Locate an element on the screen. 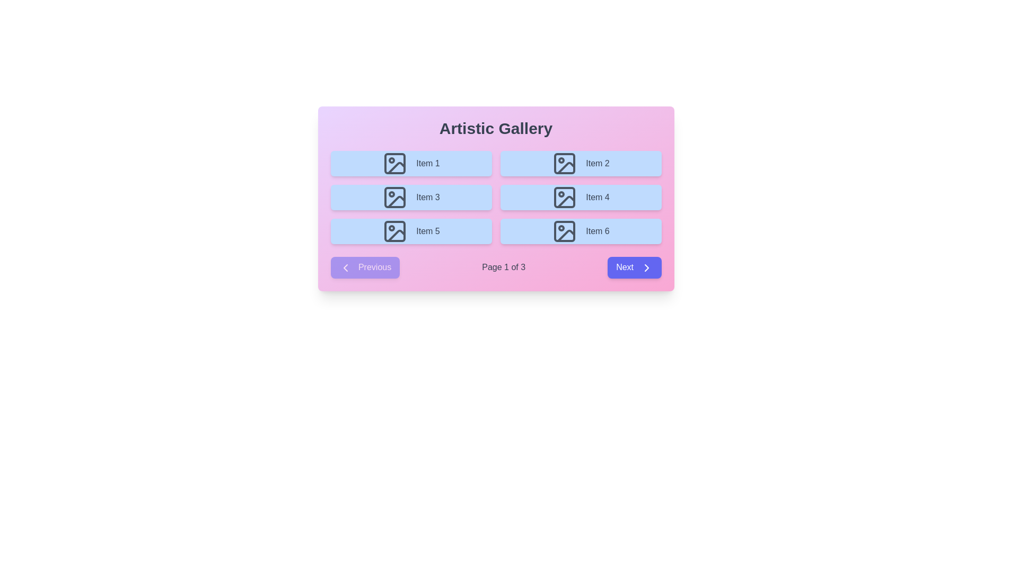  the icon resembling an image with a rectangular frame, circular shape, and diagonal line, located inside the light blue box labeled 'Item 3' is located at coordinates (394, 198).